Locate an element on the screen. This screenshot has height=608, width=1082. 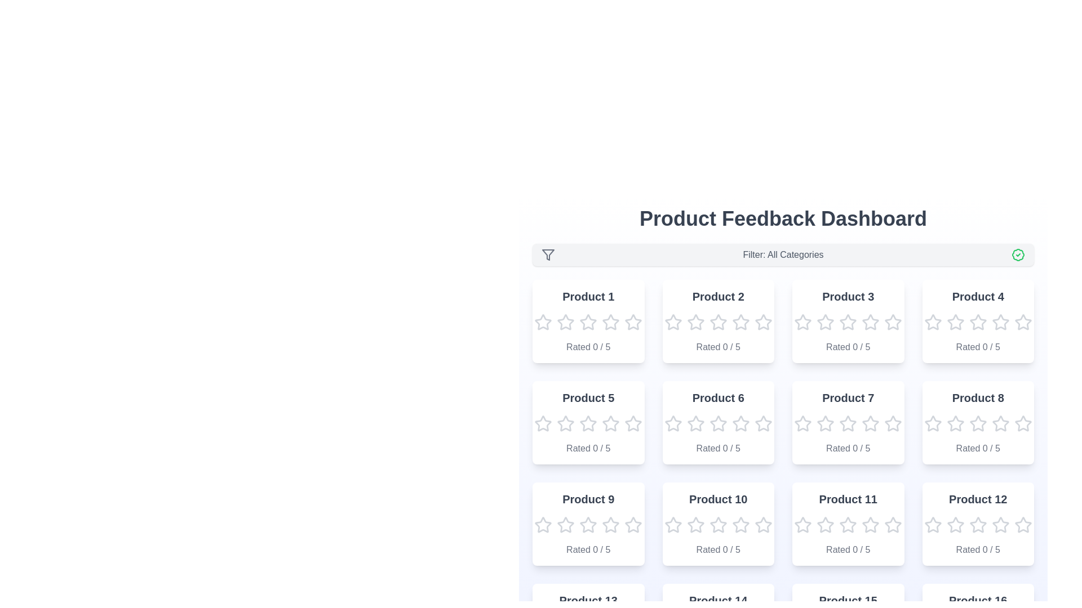
the filter icon to open the filtration options is located at coordinates (548, 254).